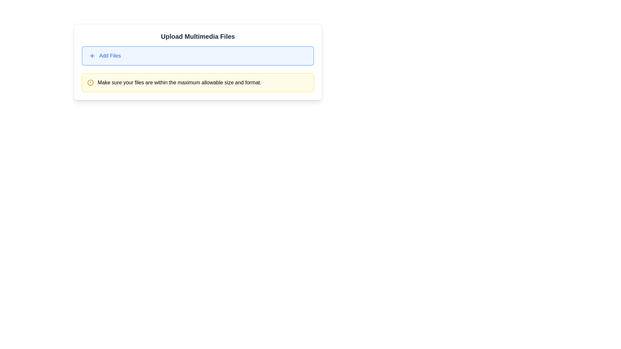 The image size is (621, 349). Describe the element at coordinates (90, 82) in the screenshot. I see `the alert icon located at the leftmost side of the yellow alert box that emphasizes the message about file size and format requirements` at that location.